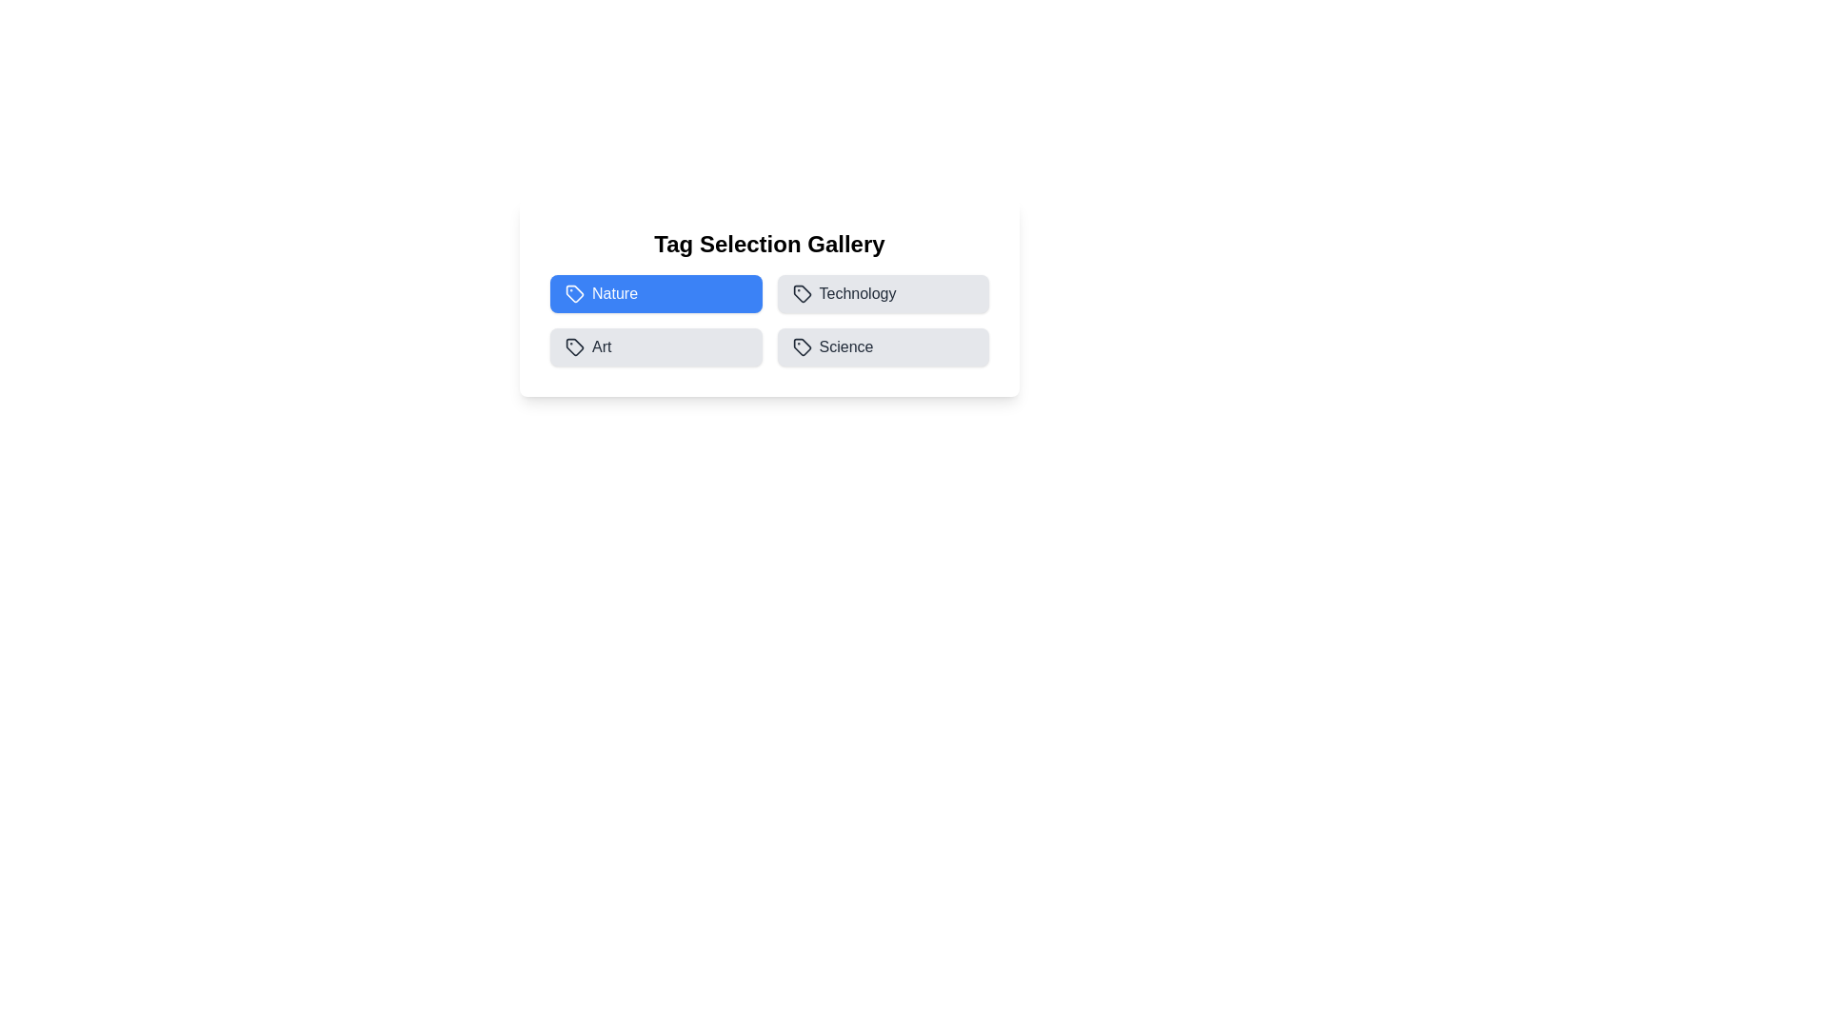 Image resolution: width=1828 pixels, height=1028 pixels. What do you see at coordinates (882, 347) in the screenshot?
I see `the tag labeled Science` at bounding box center [882, 347].